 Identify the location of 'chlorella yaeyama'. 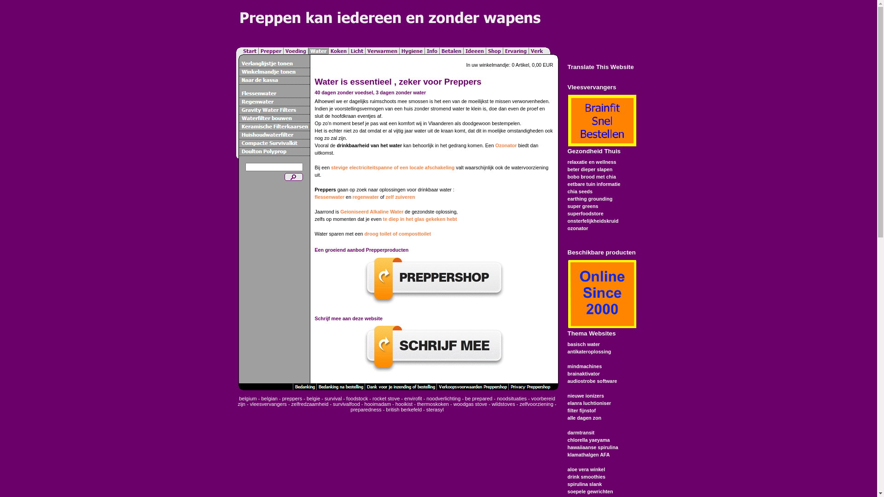
(587, 439).